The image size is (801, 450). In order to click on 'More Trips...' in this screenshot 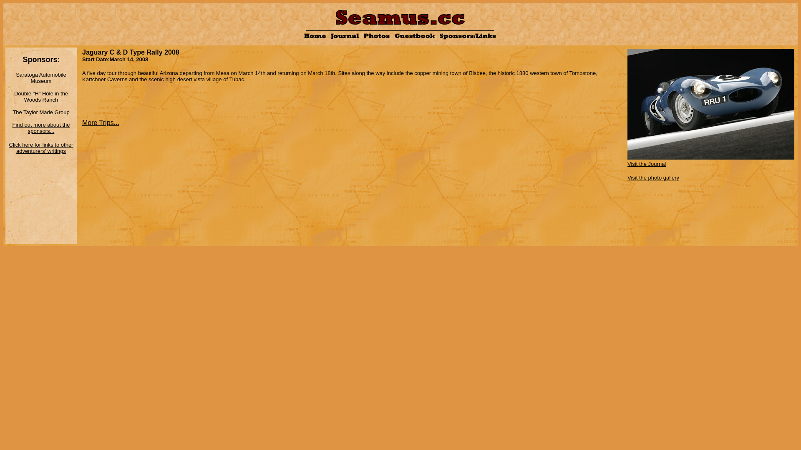, I will do `click(82, 122)`.